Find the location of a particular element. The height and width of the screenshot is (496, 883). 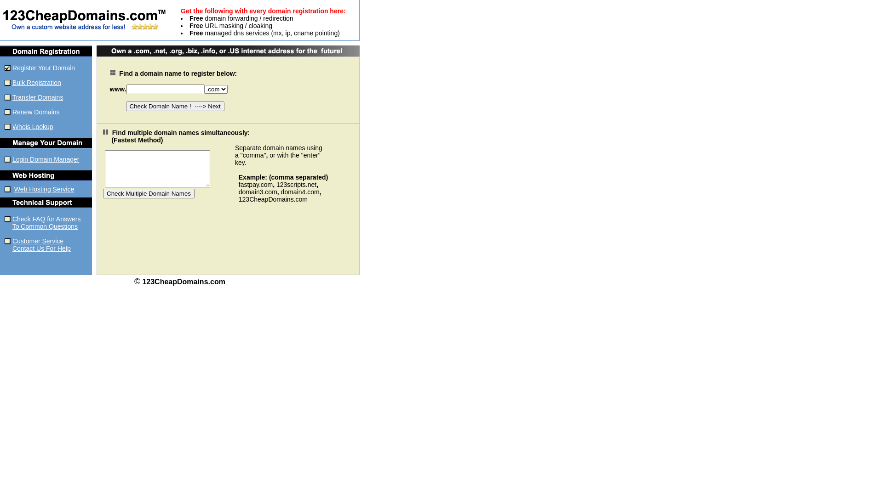

'Check FAQ for Answers' is located at coordinates (46, 219).